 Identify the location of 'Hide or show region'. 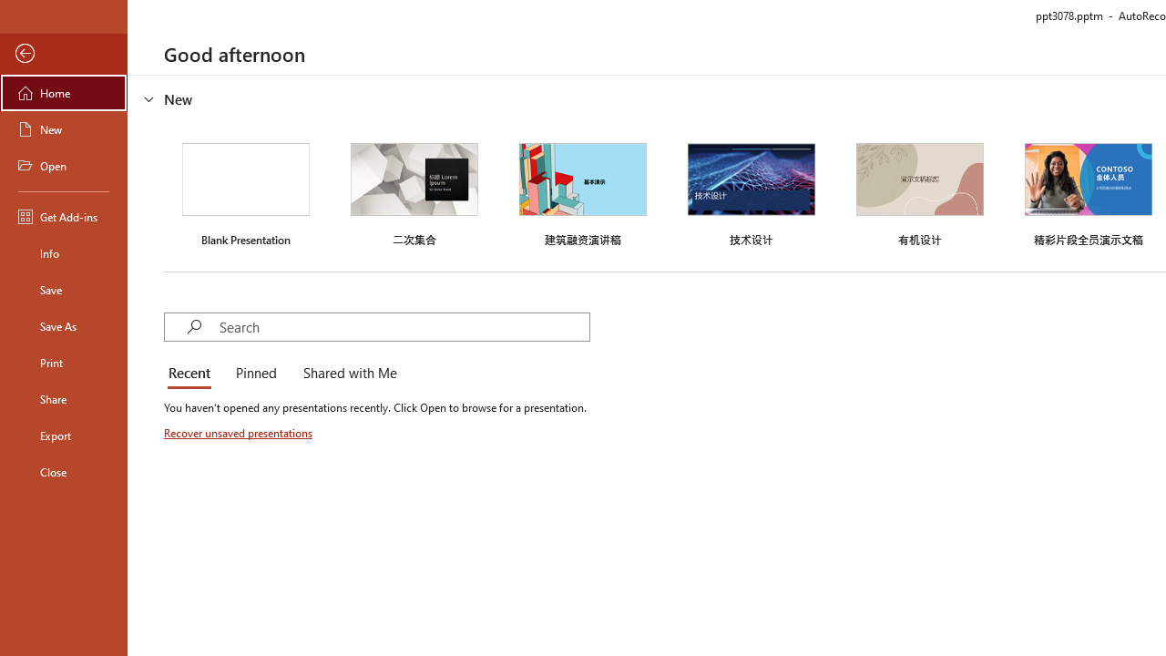
(149, 99).